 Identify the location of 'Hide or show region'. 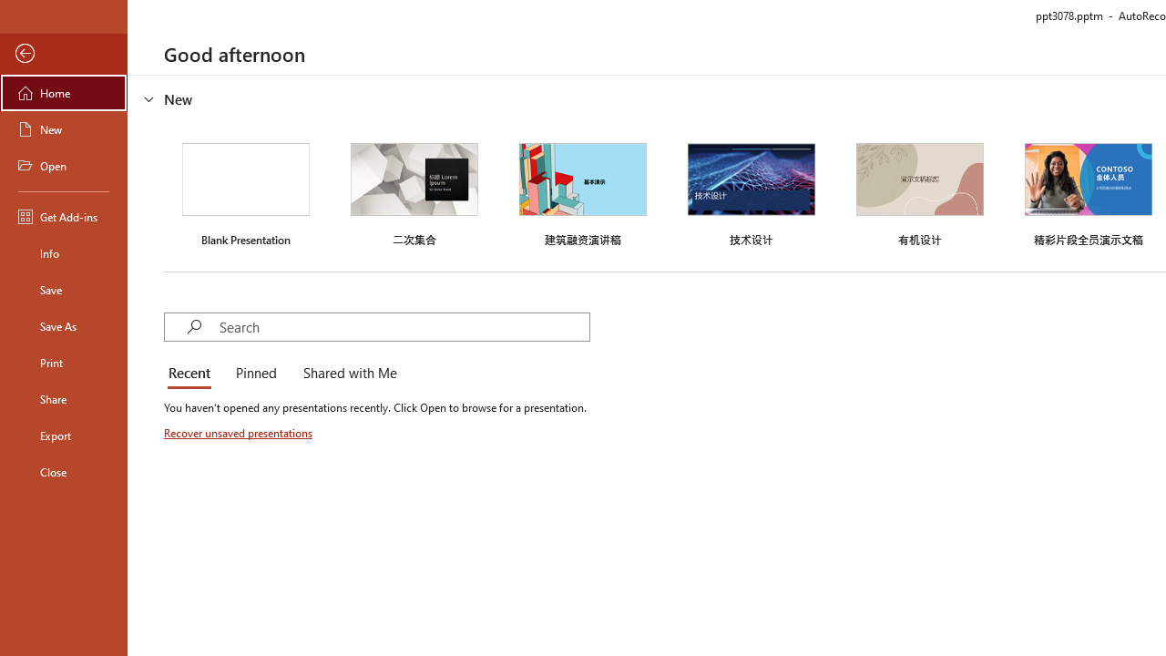
(149, 99).